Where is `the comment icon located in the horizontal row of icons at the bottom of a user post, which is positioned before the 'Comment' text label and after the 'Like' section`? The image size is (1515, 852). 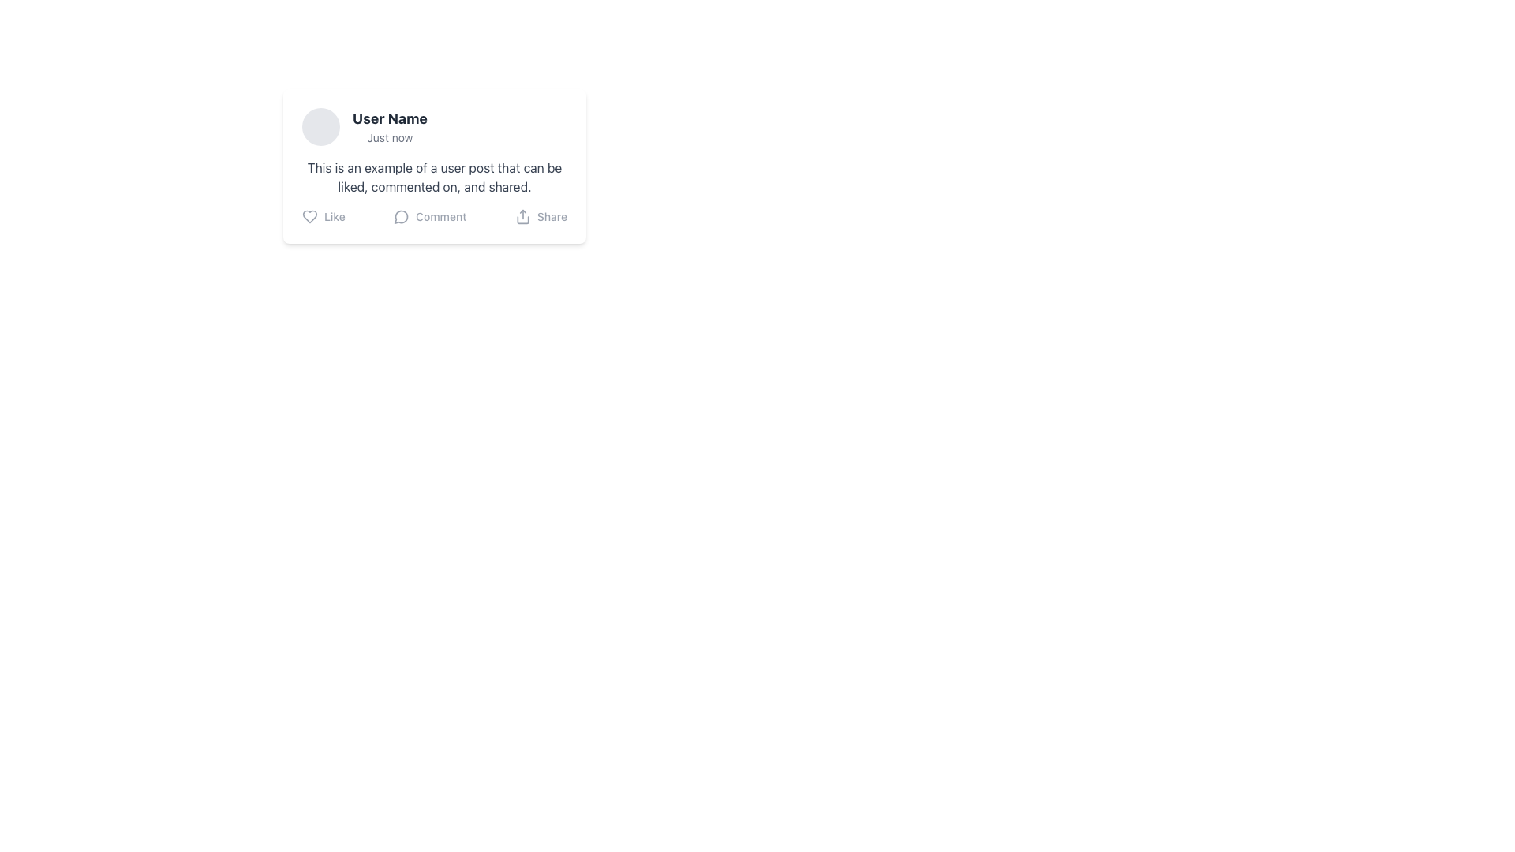 the comment icon located in the horizontal row of icons at the bottom of a user post, which is positioned before the 'Comment' text label and after the 'Like' section is located at coordinates (402, 216).